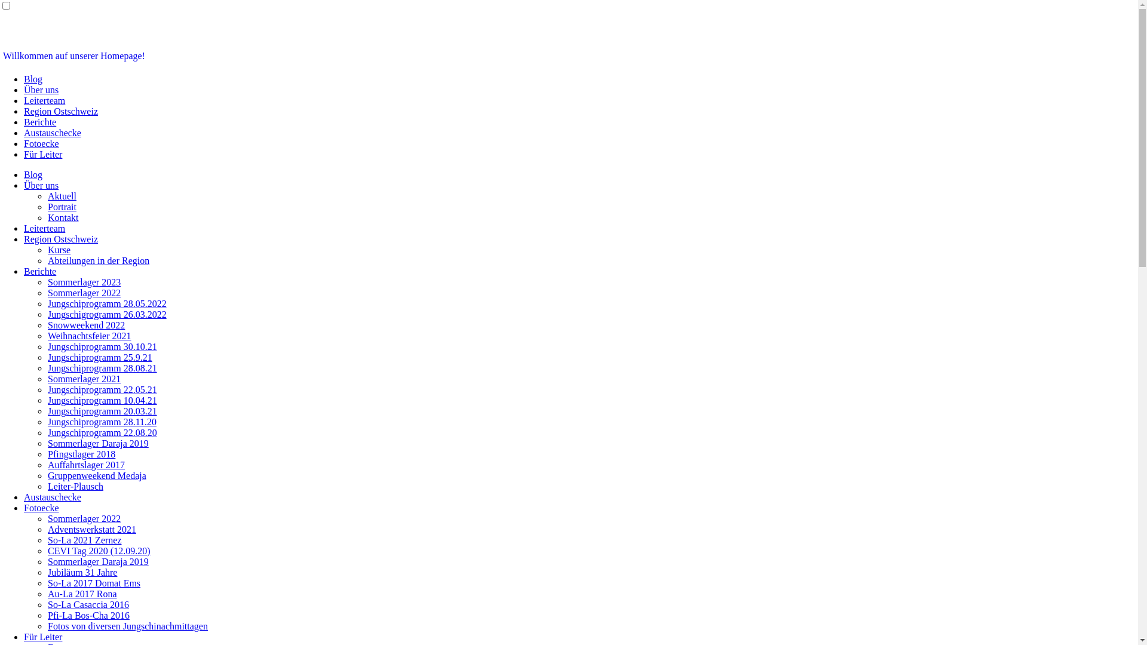  Describe the element at coordinates (107, 314) in the screenshot. I see `'Jungschigrogramm 26.03.2022'` at that location.